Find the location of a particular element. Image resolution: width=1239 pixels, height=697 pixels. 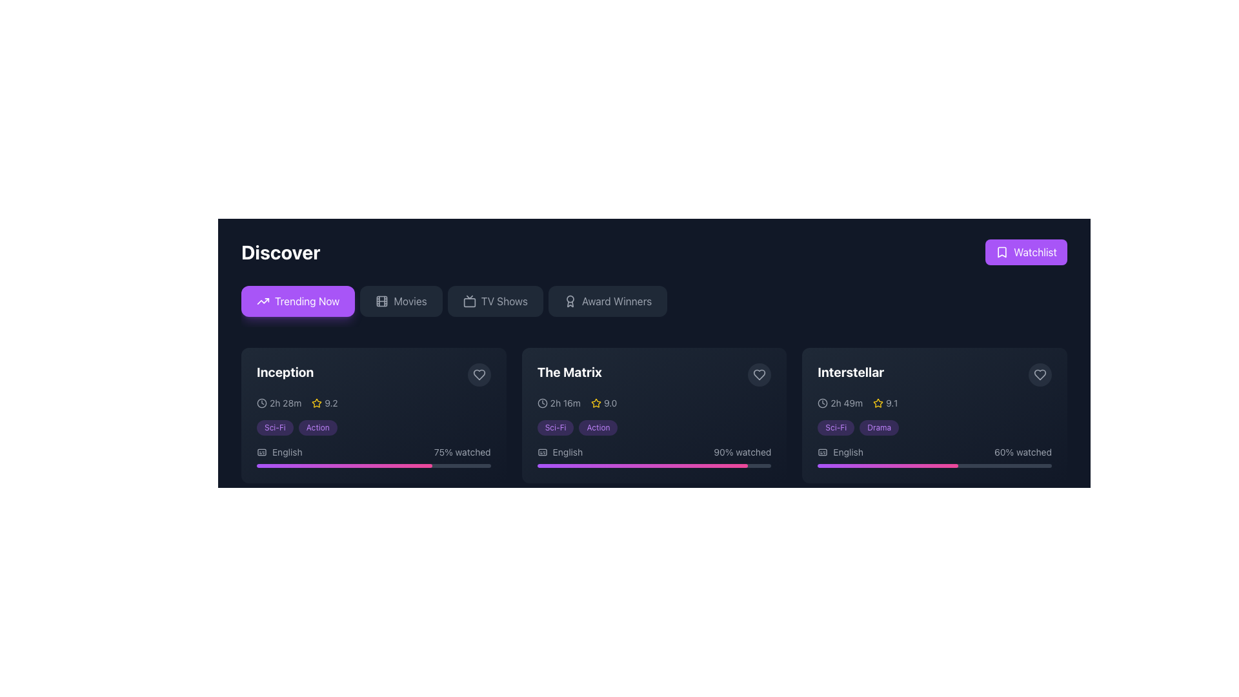

the circular base of the clock icon representing time is located at coordinates (822, 402).